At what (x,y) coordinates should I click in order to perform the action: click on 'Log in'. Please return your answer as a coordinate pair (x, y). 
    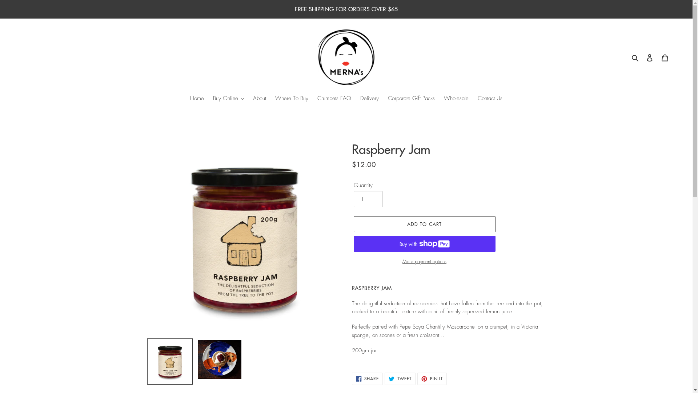
    Looking at the image, I should click on (649, 57).